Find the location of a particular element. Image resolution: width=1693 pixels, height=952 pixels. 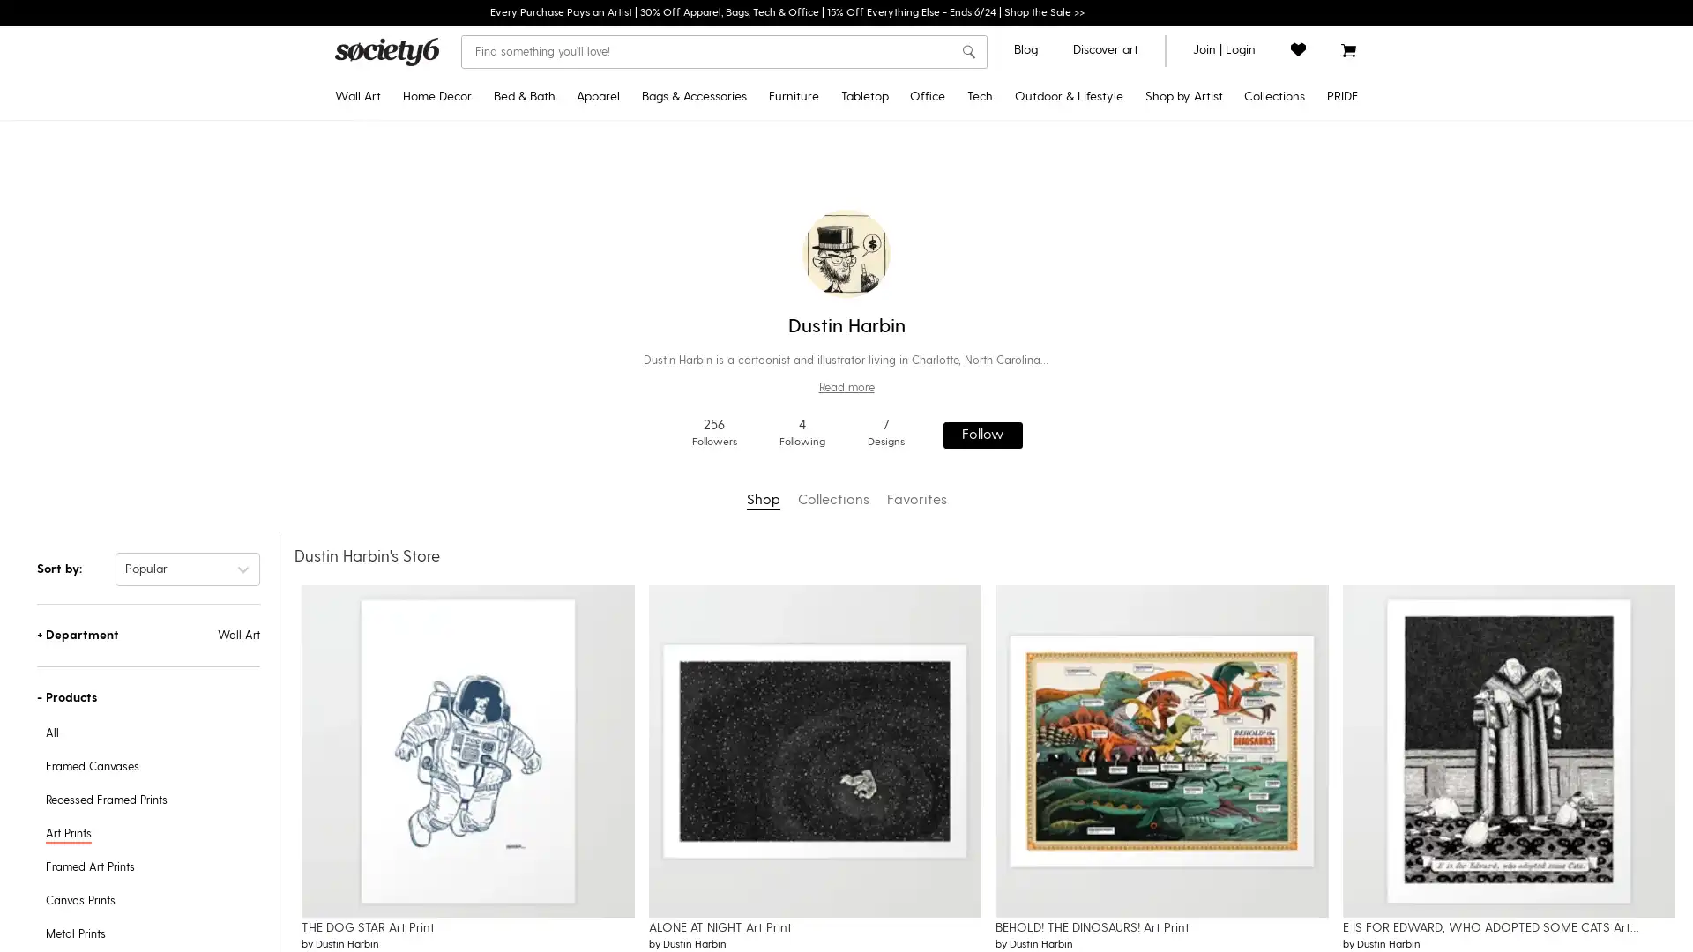

Sheer Curtains is located at coordinates (470, 311).